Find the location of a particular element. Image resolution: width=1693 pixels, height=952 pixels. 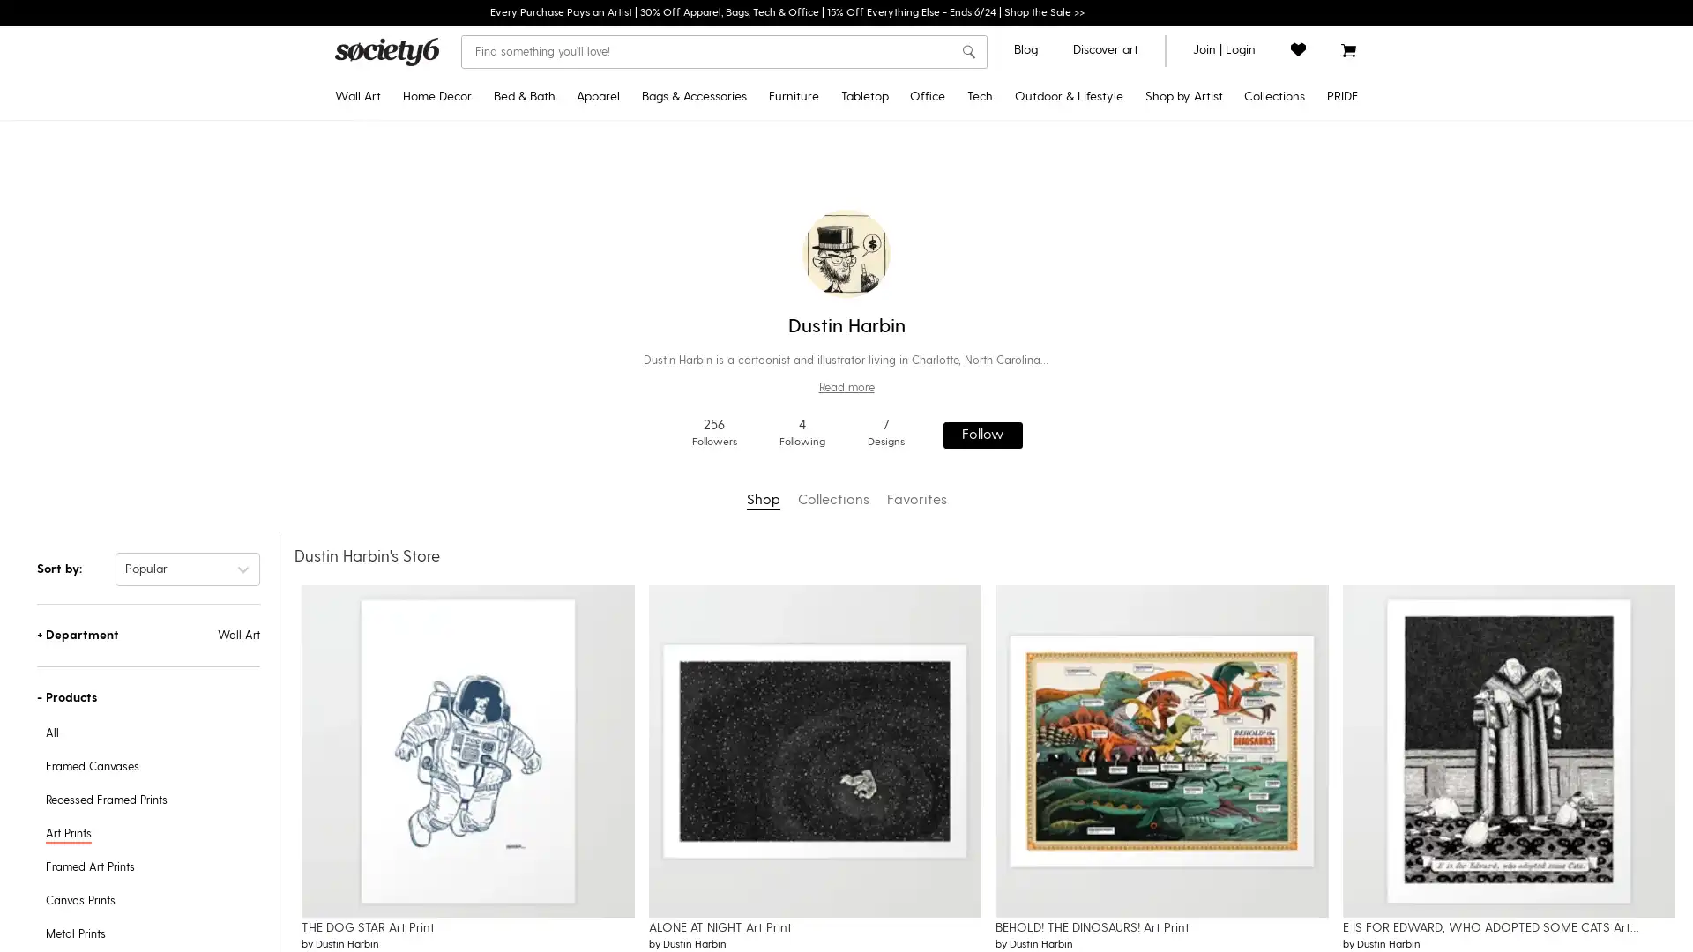

Sheer Curtains is located at coordinates (470, 311).